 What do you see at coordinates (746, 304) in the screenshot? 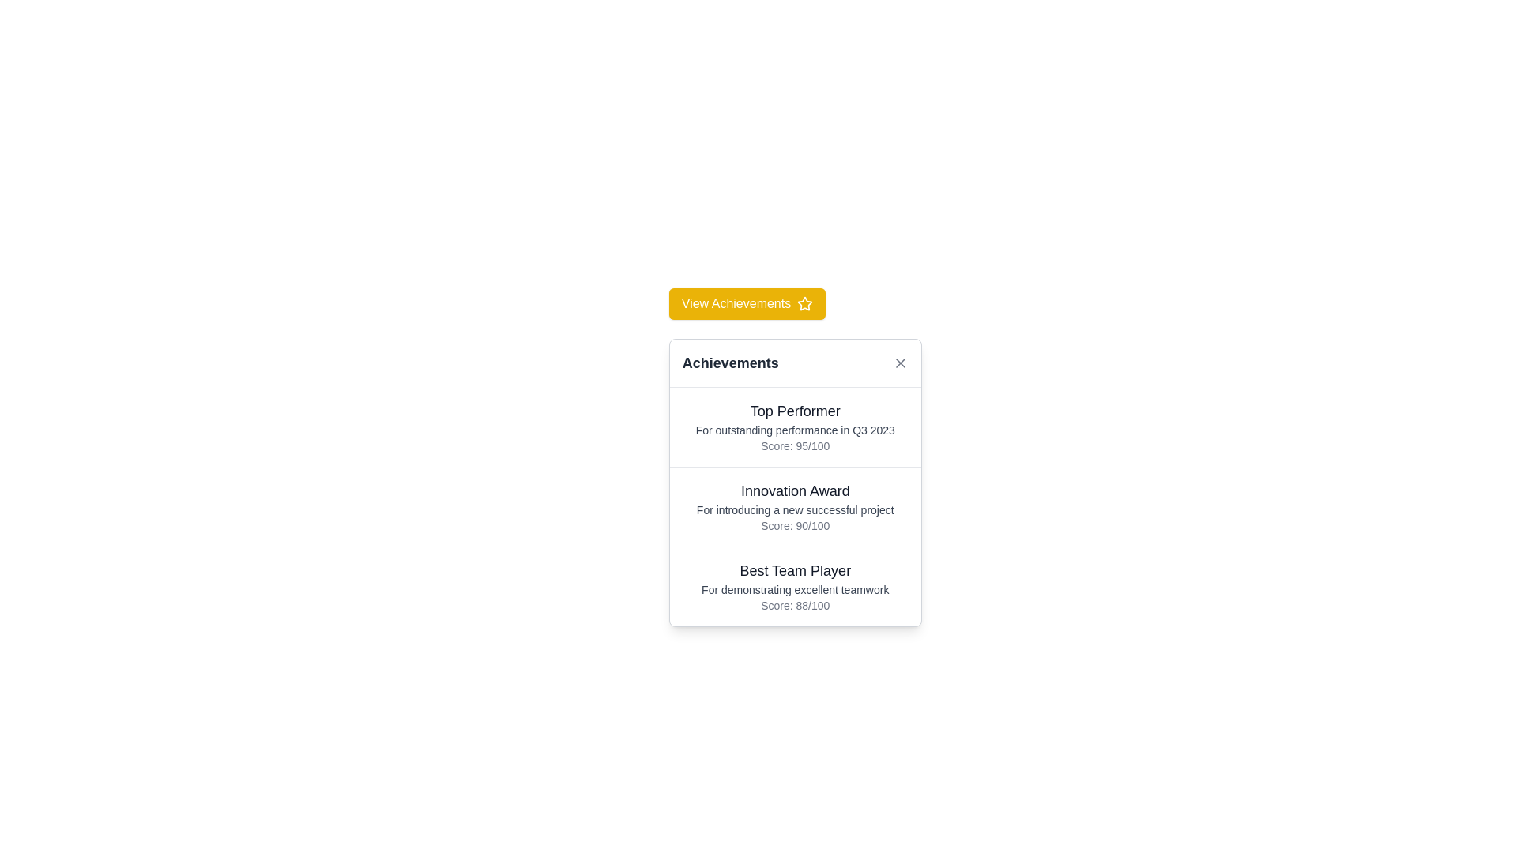
I see `the 'View Achievements' button, which has a yellow background and white text` at bounding box center [746, 304].